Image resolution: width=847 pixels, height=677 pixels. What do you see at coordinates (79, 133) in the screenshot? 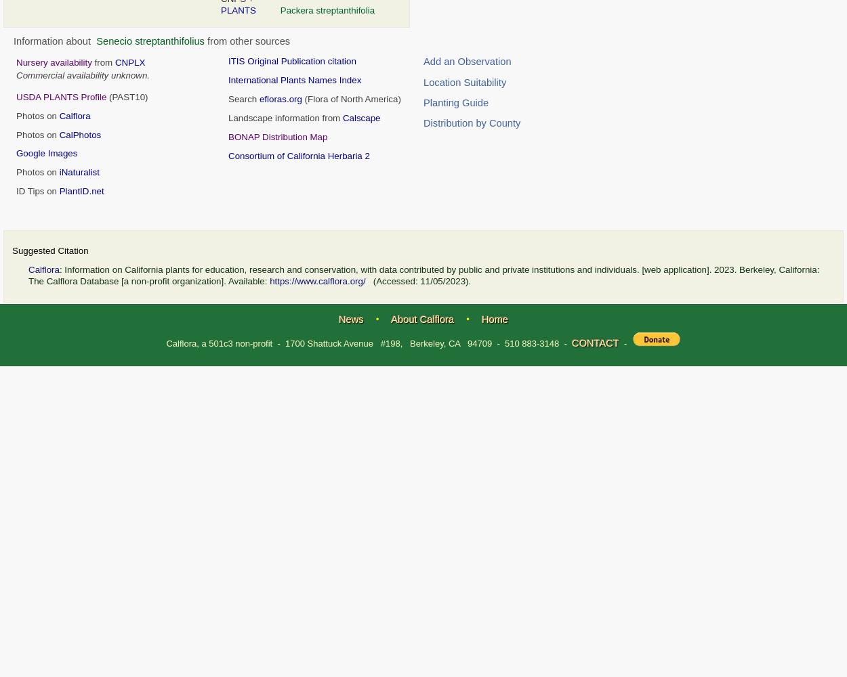
I see `'CalPhotos'` at bounding box center [79, 133].